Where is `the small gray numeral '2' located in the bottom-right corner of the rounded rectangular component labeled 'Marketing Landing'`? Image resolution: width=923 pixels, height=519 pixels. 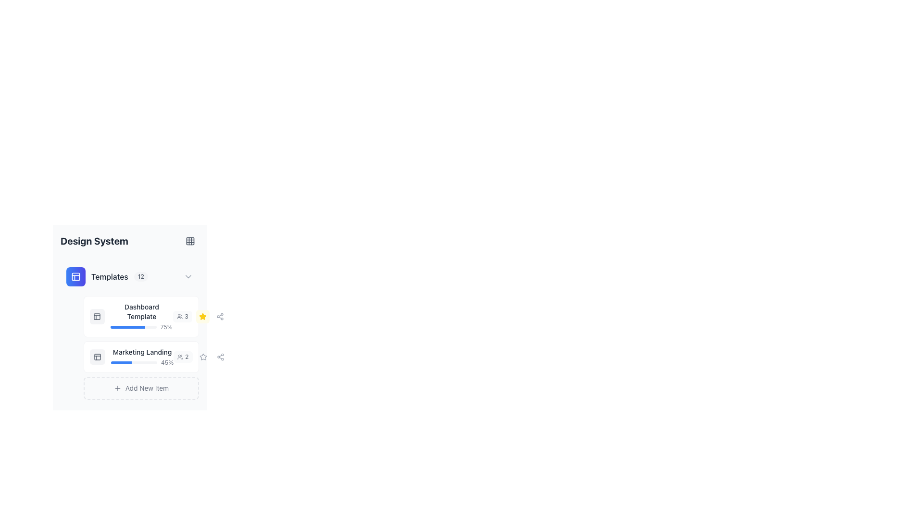
the small gray numeral '2' located in the bottom-right corner of the rounded rectangular component labeled 'Marketing Landing' is located at coordinates (187, 357).